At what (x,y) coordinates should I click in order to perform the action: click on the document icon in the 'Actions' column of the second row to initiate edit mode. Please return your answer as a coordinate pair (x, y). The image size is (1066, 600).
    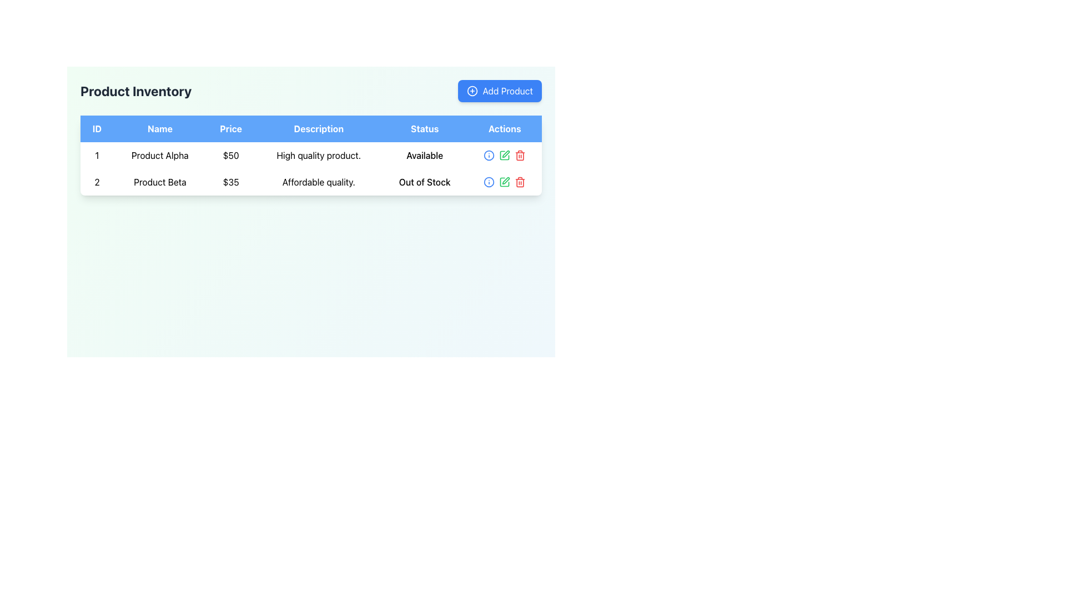
    Looking at the image, I should click on (504, 156).